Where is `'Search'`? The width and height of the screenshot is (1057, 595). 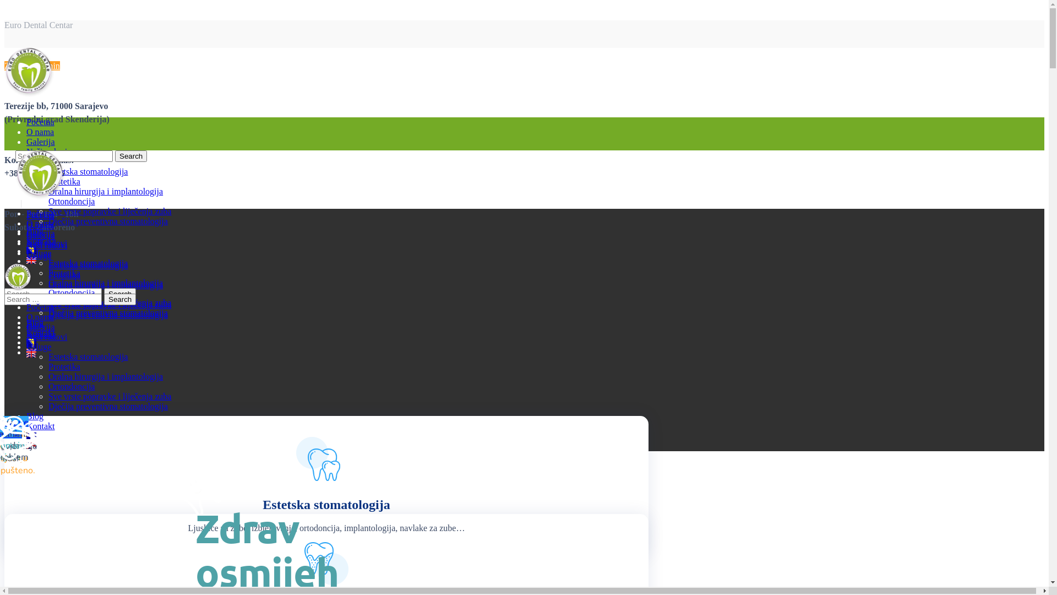 'Search' is located at coordinates (131, 156).